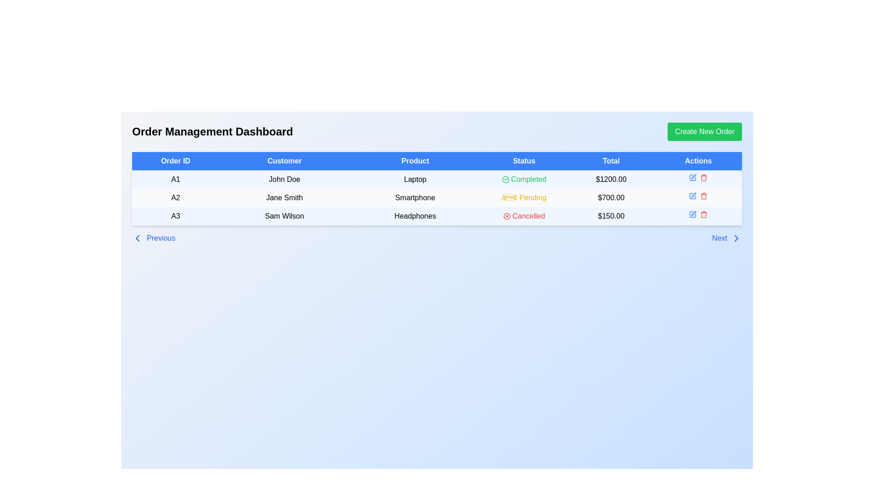 The image size is (881, 496). I want to click on the green checkmark icon and 'Completed' text indicating the status of the 'Laptop' in the Status column of the table, so click(524, 179).